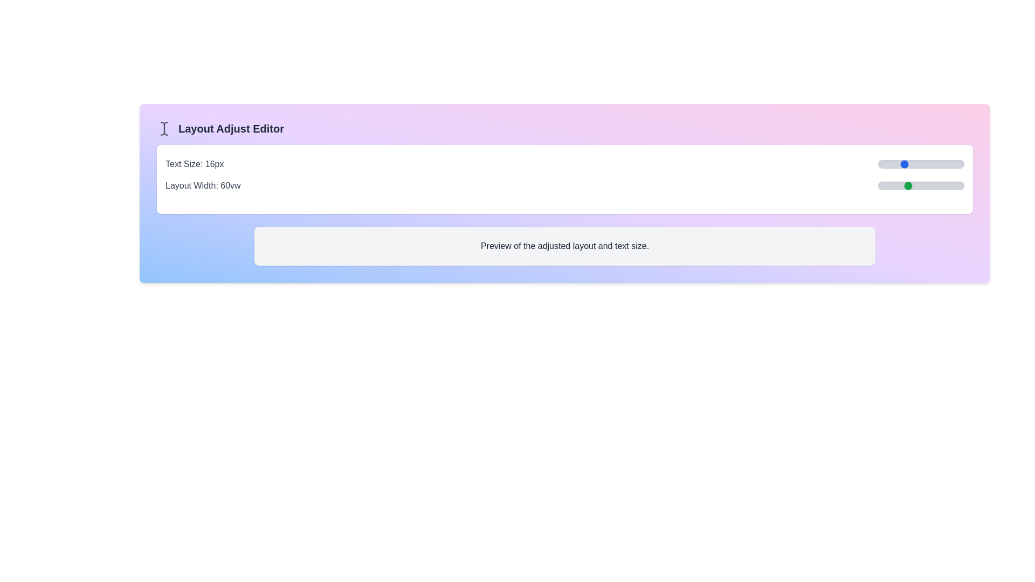 This screenshot has height=582, width=1035. Describe the element at coordinates (936, 164) in the screenshot. I see `the text size` at that location.